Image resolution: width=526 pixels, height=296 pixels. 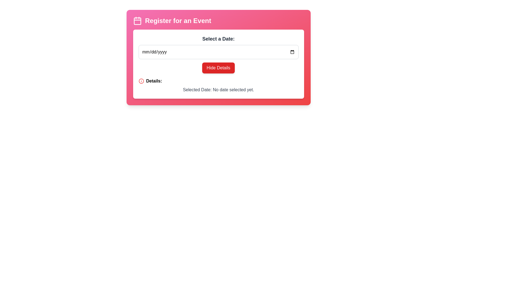 I want to click on the 'Hide Details' button, which has a prominent red background and white text, located below the date selector field, so click(x=218, y=64).